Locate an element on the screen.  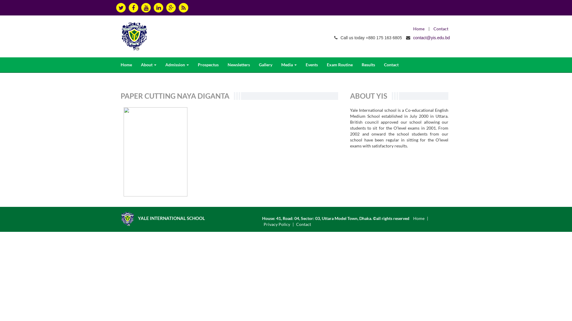
'Contact' is located at coordinates (303, 224).